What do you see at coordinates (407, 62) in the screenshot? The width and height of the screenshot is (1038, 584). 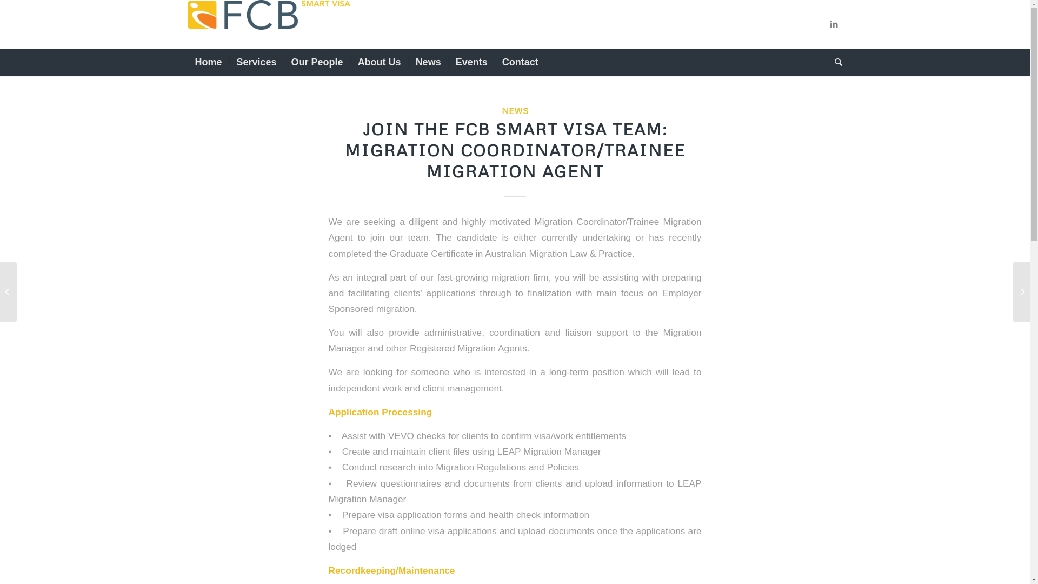 I see `'News'` at bounding box center [407, 62].